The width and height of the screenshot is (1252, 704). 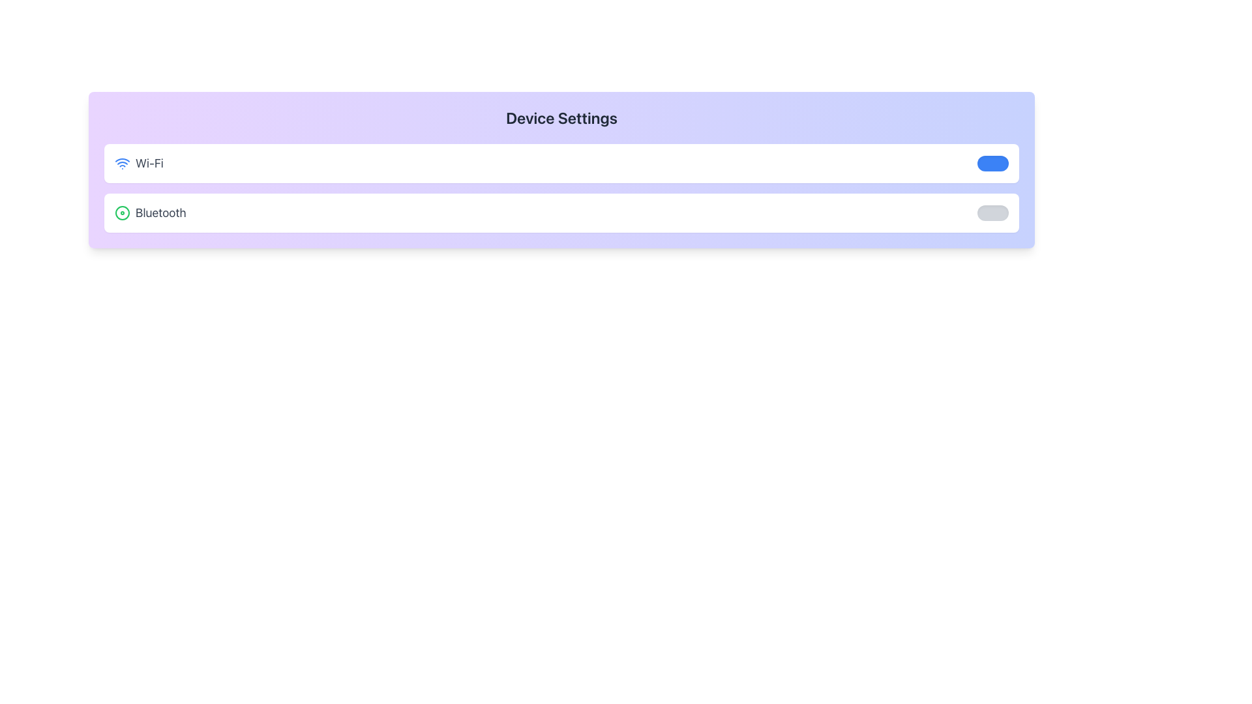 I want to click on the toggle switch located at the far-right position within the 'Wi-Fi' settings row, so click(x=992, y=162).